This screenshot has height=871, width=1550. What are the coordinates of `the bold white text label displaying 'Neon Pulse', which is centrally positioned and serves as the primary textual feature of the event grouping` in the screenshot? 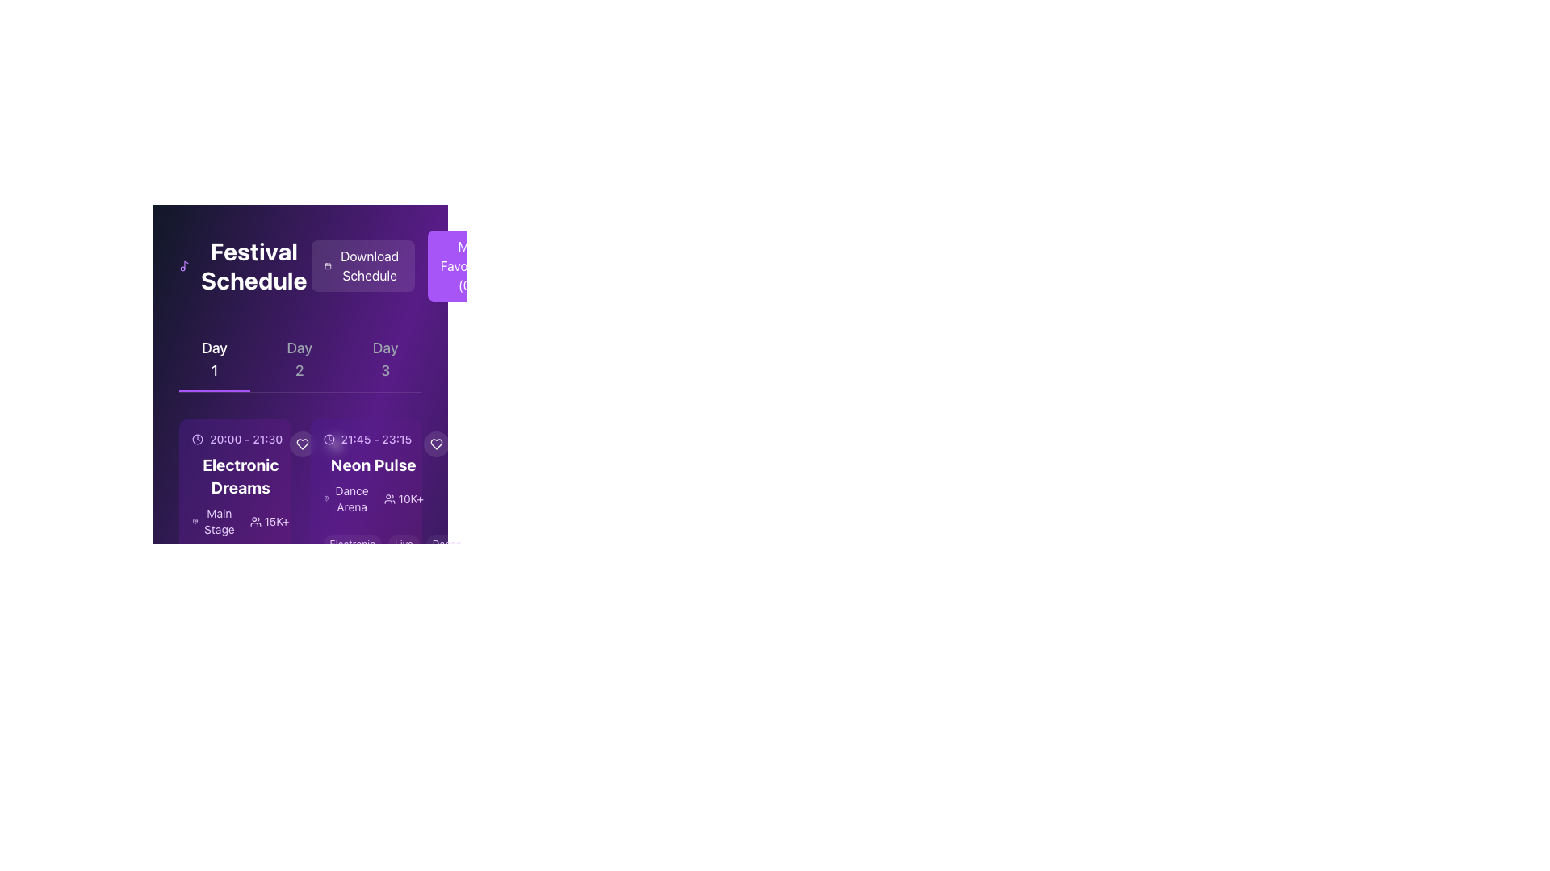 It's located at (372, 465).